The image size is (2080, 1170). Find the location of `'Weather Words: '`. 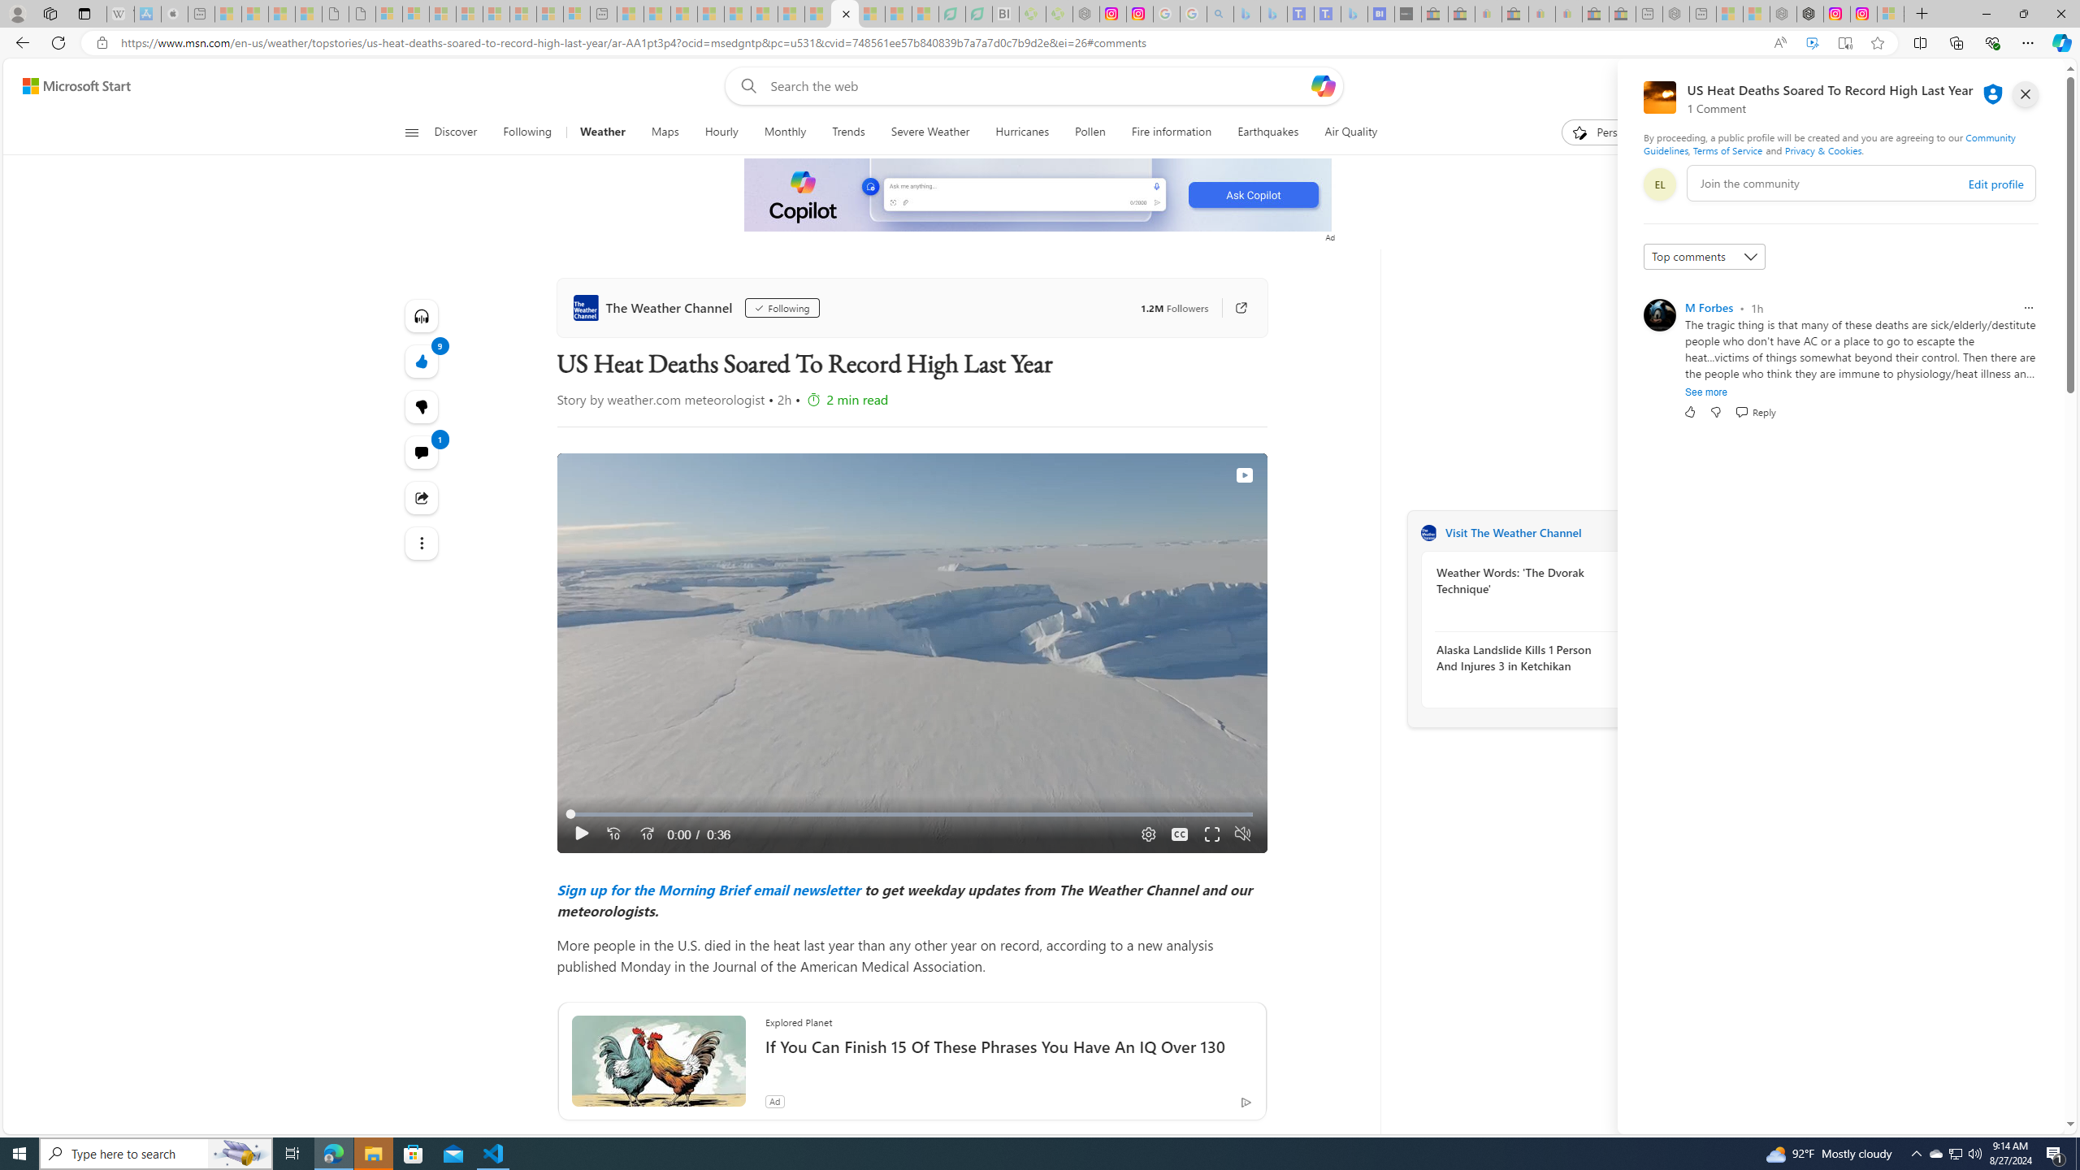

'Weather Words: ' is located at coordinates (1523, 579).